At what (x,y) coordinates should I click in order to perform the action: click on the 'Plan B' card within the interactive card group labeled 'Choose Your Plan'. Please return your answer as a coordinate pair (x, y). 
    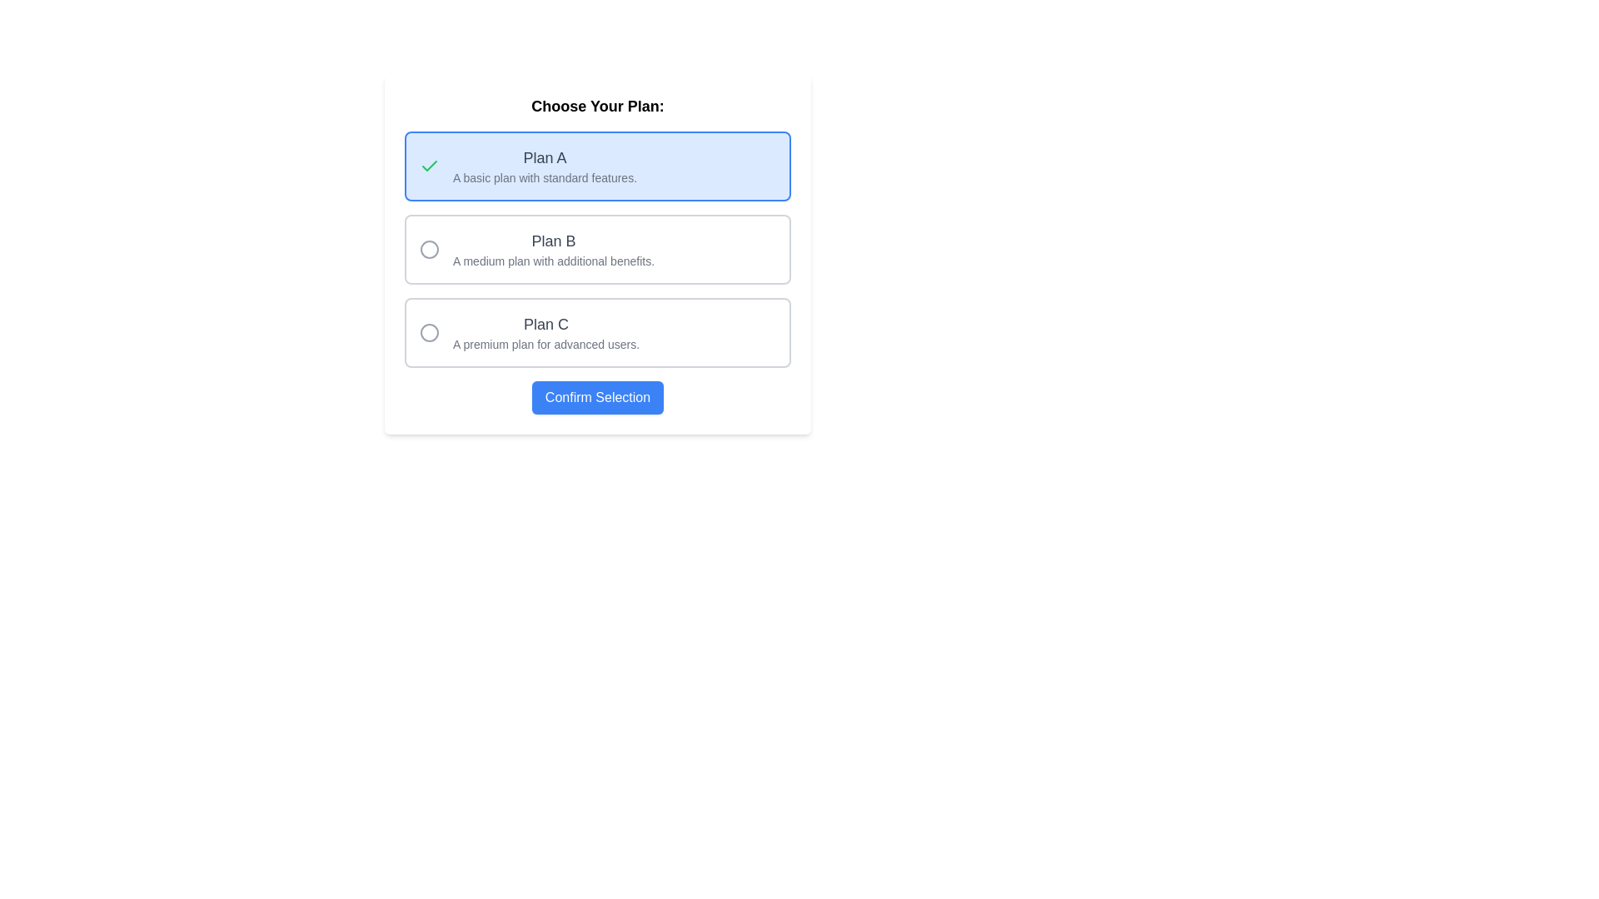
    Looking at the image, I should click on (598, 254).